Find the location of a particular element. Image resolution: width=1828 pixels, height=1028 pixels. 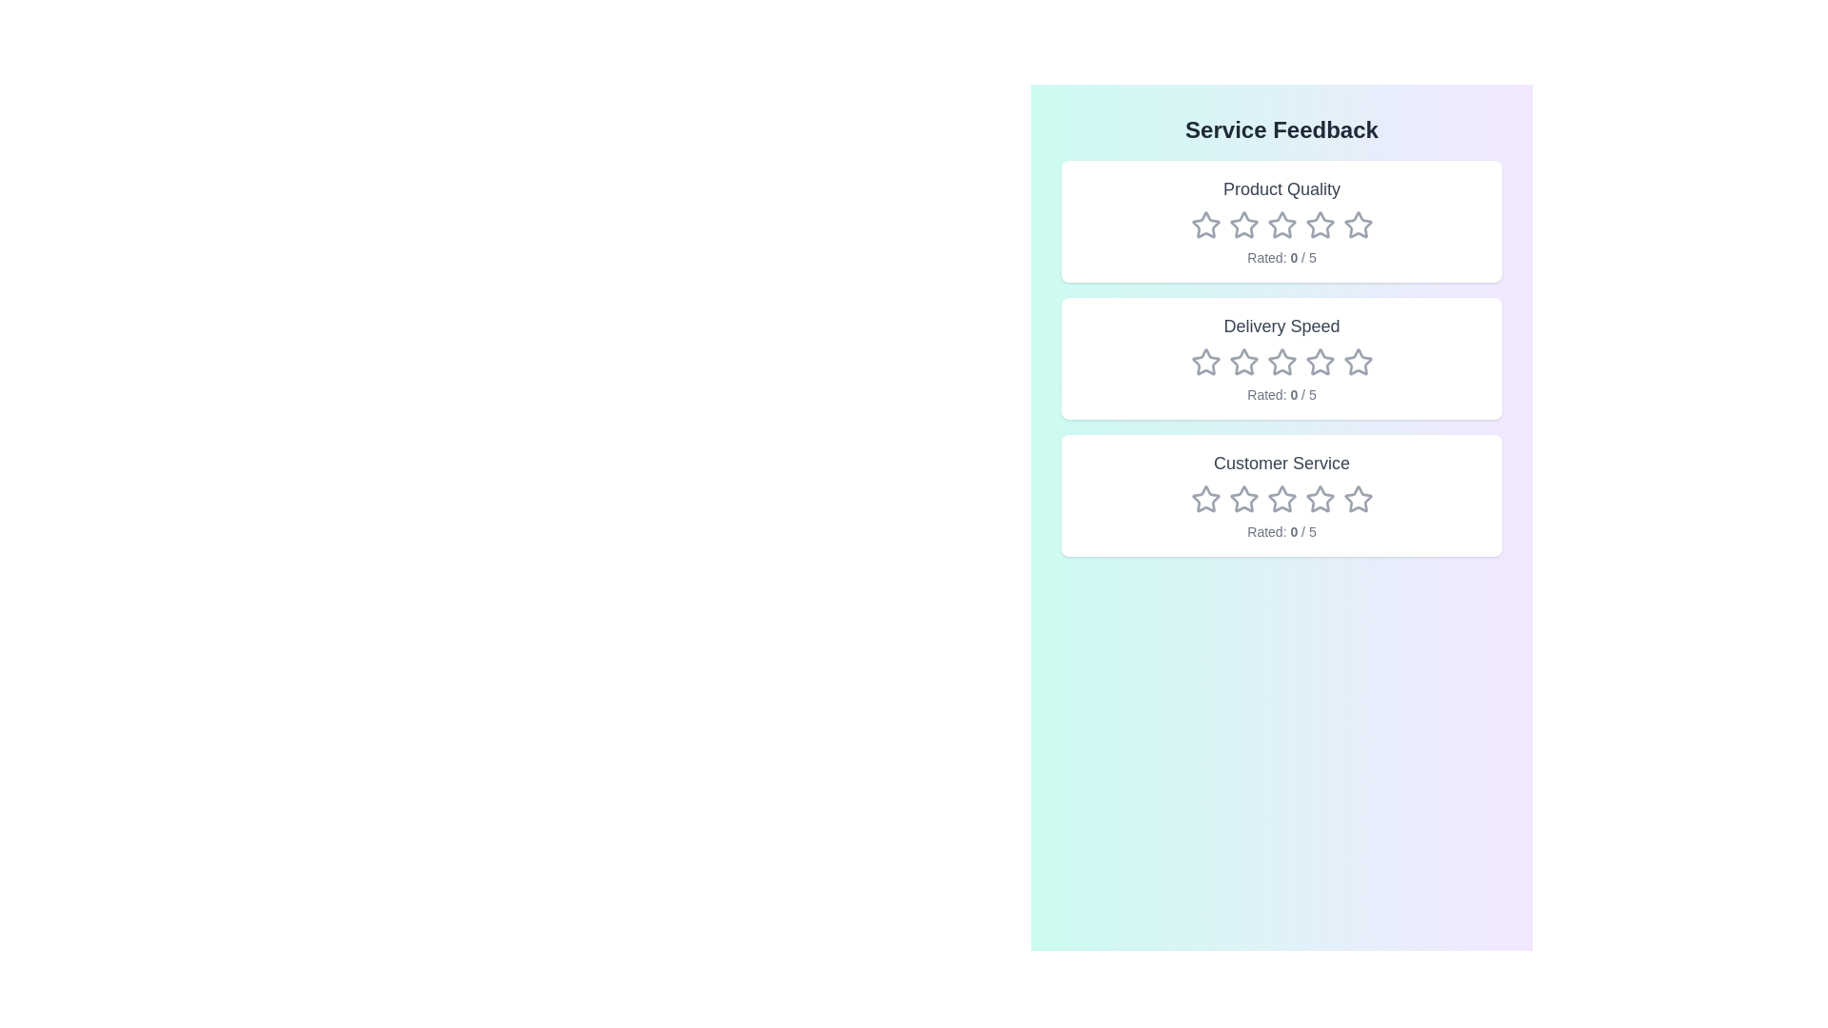

the rating for the category Product Quality to 4 stars is located at coordinates (1319, 224).